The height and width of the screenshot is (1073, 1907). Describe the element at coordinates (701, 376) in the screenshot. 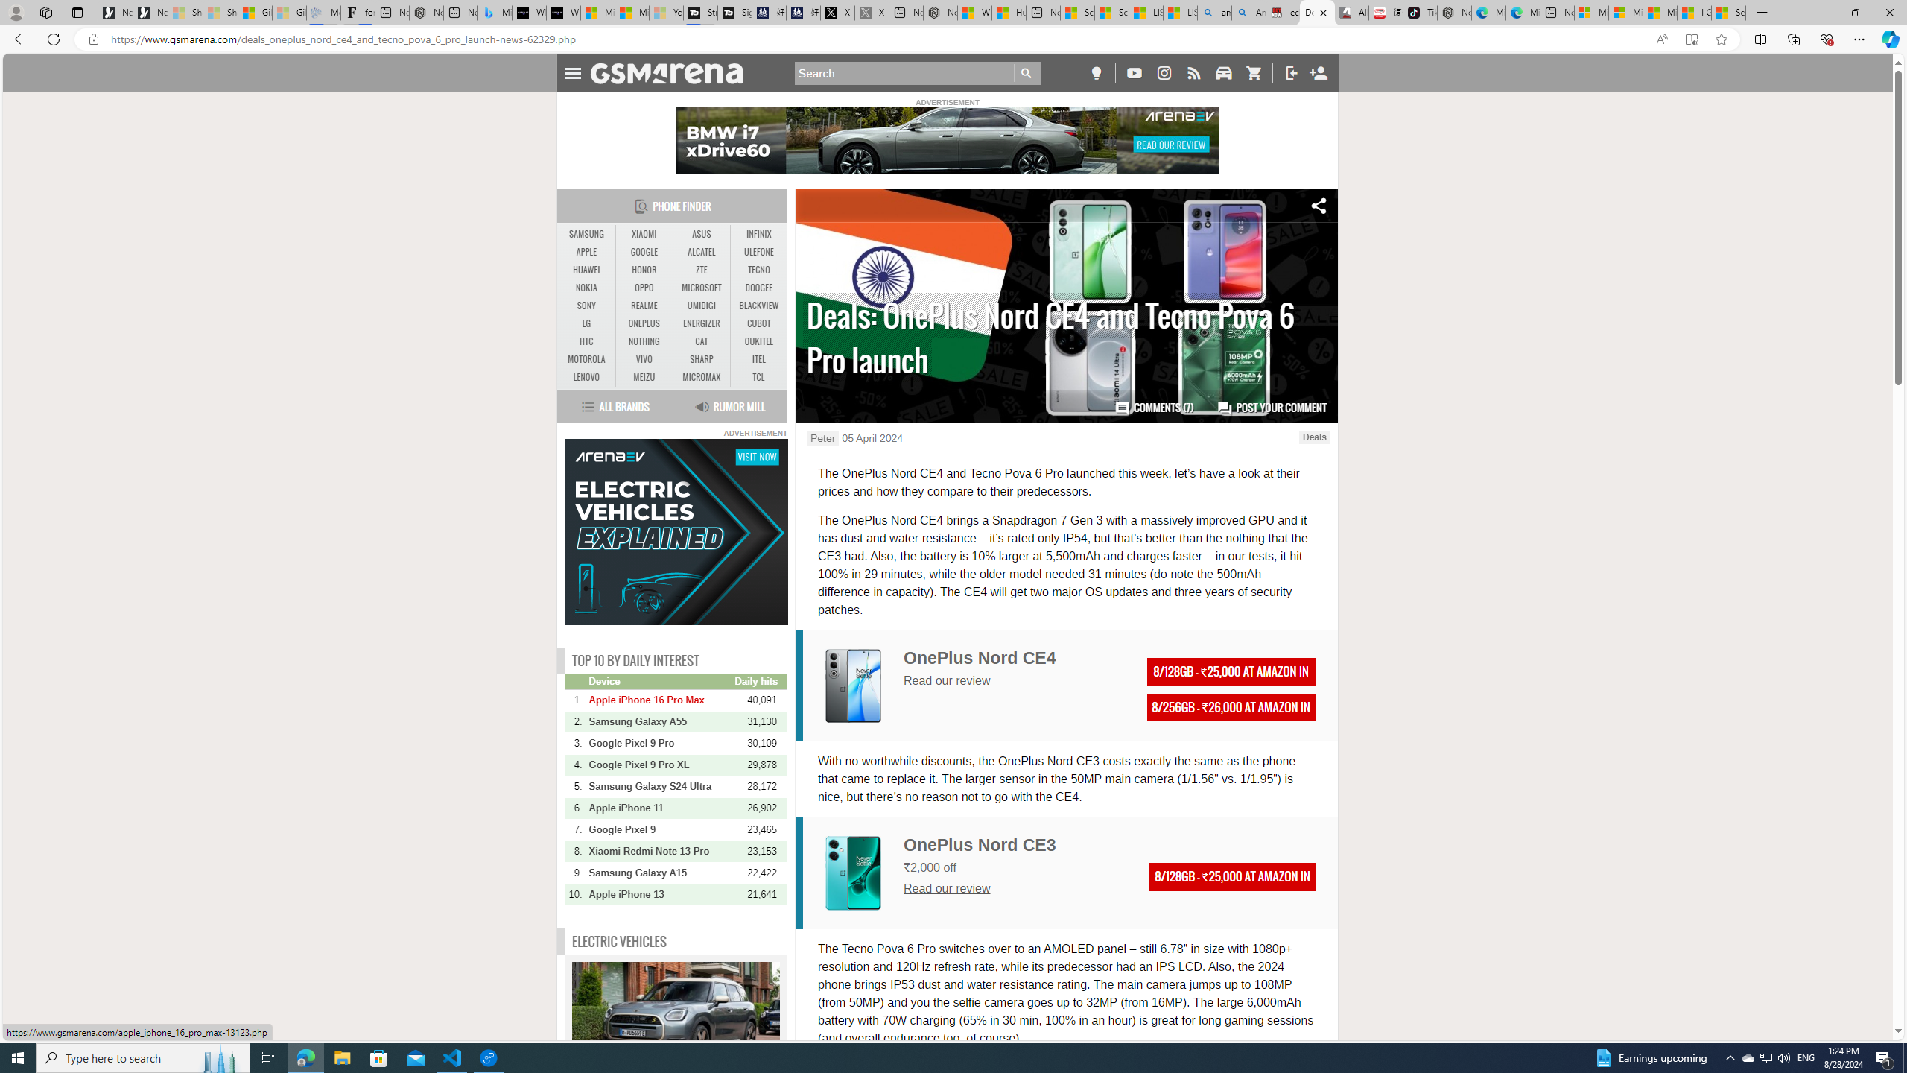

I see `'MICROMAX'` at that location.